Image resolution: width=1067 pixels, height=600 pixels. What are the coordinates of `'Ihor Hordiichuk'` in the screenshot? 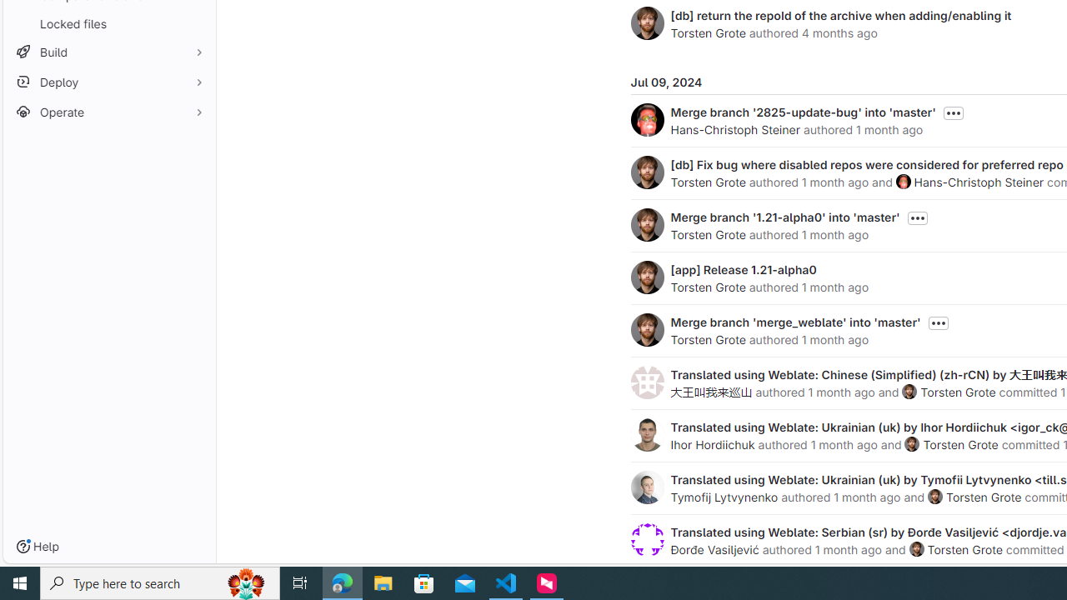 It's located at (713, 443).